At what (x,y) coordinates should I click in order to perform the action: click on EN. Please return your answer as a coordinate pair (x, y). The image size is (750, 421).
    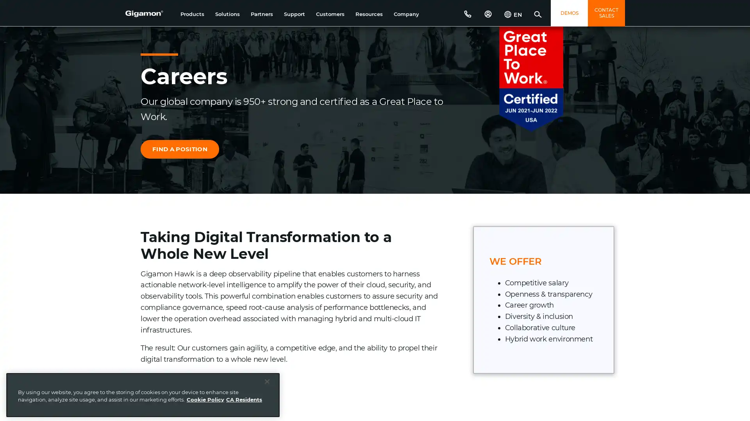
    Looking at the image, I should click on (513, 15).